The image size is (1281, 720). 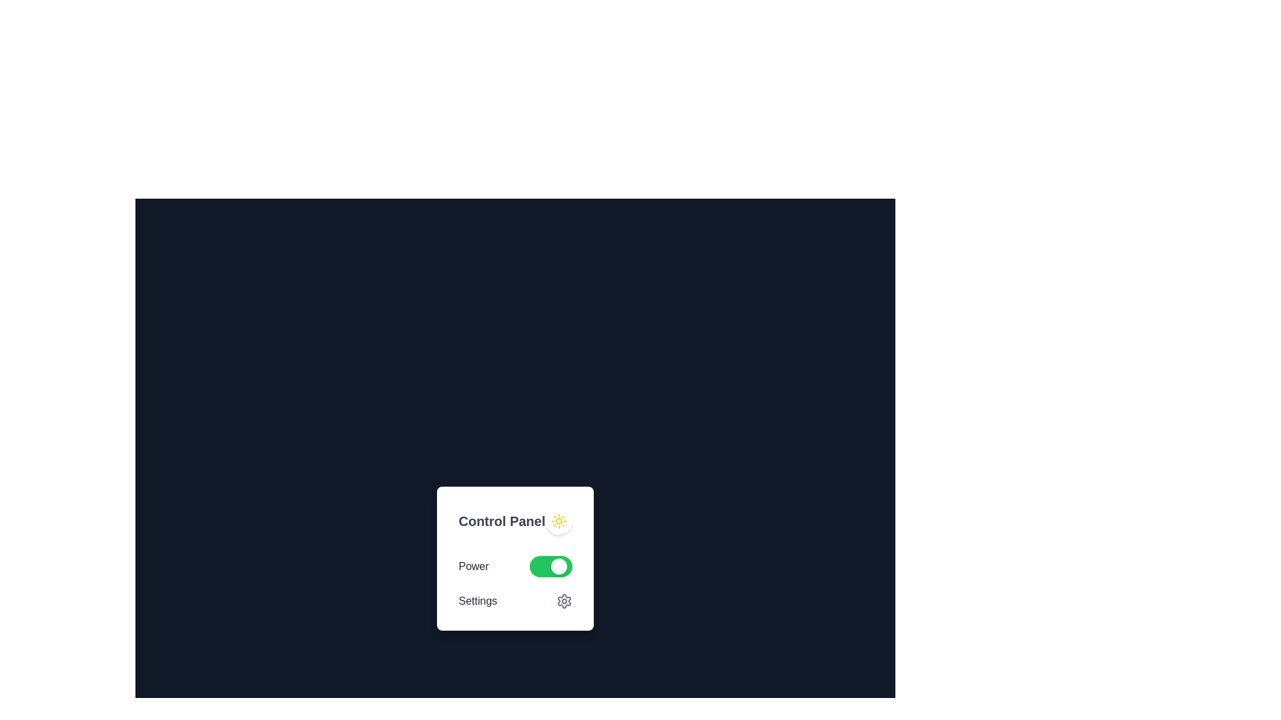 What do you see at coordinates (550, 566) in the screenshot?
I see `the white handle of the toggle switch with a green background` at bounding box center [550, 566].